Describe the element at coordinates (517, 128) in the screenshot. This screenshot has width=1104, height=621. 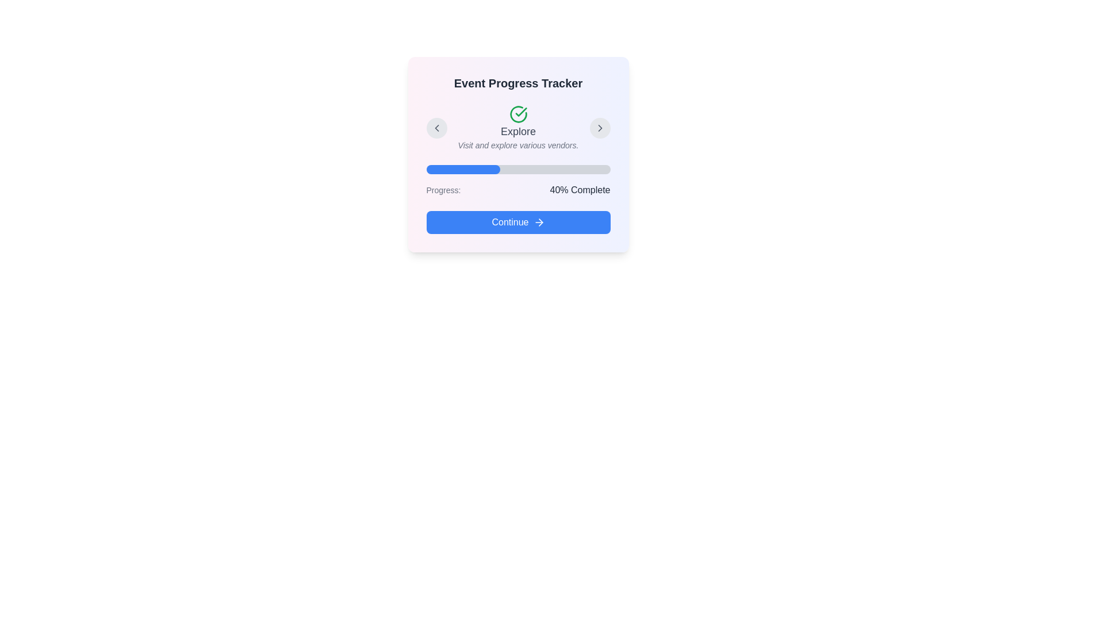
I see `the progress step indicator element located centrally below the title 'Event Progress Tracker'` at that location.